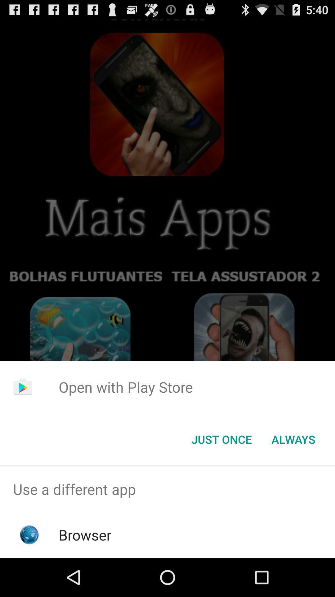 This screenshot has height=597, width=335. What do you see at coordinates (293, 439) in the screenshot?
I see `the always button` at bounding box center [293, 439].